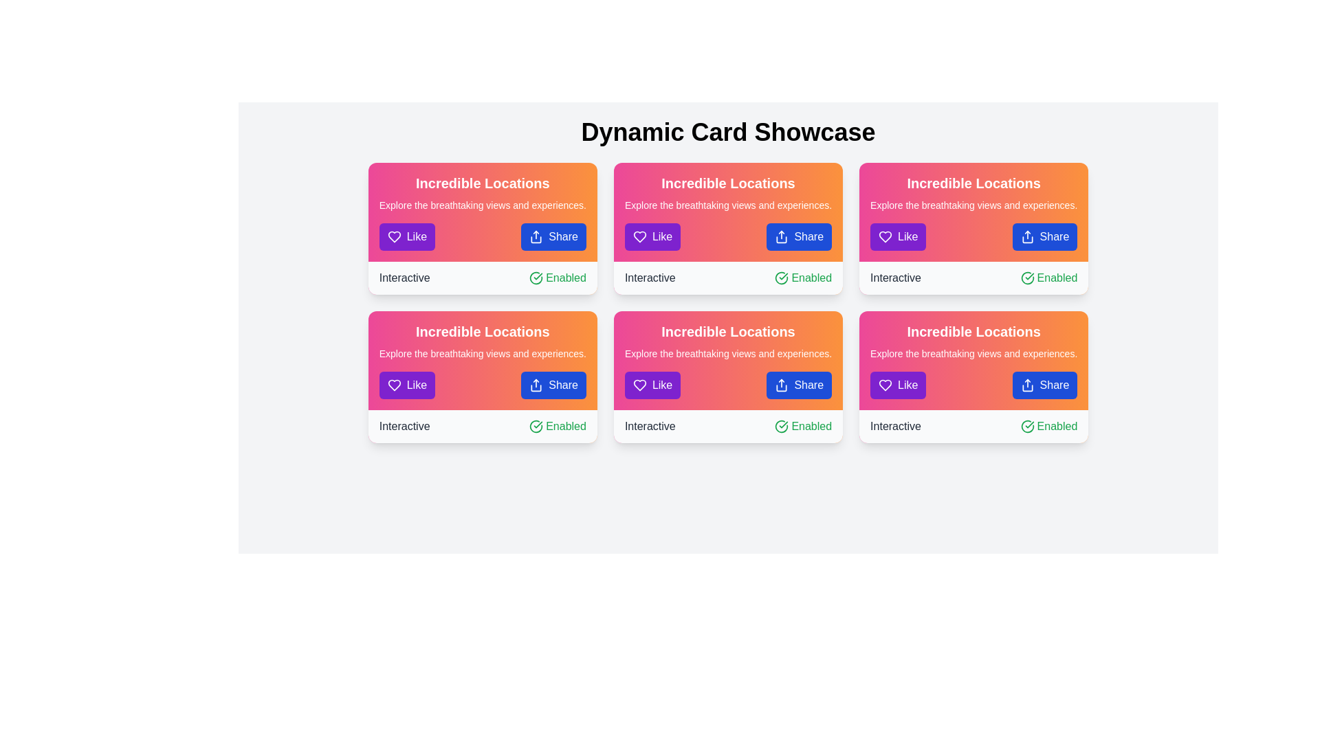 Image resolution: width=1320 pixels, height=742 pixels. Describe the element at coordinates (553, 236) in the screenshot. I see `the 'Share' button, which is the second button in a row next to the 'Like' button` at that location.